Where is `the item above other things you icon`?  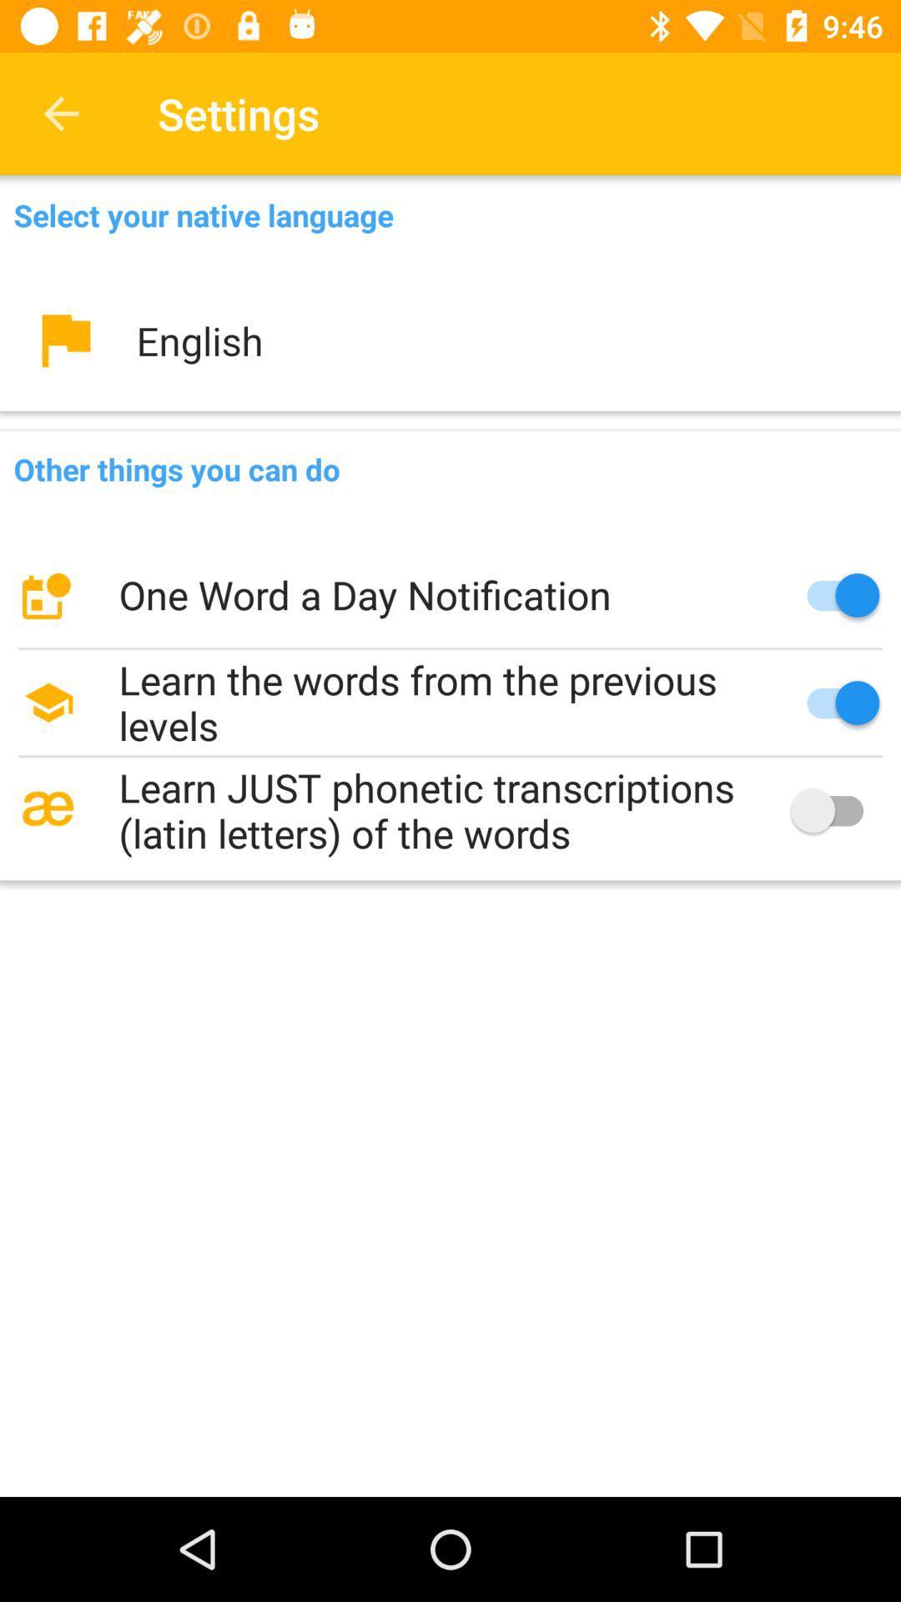 the item above other things you icon is located at coordinates (450, 340).